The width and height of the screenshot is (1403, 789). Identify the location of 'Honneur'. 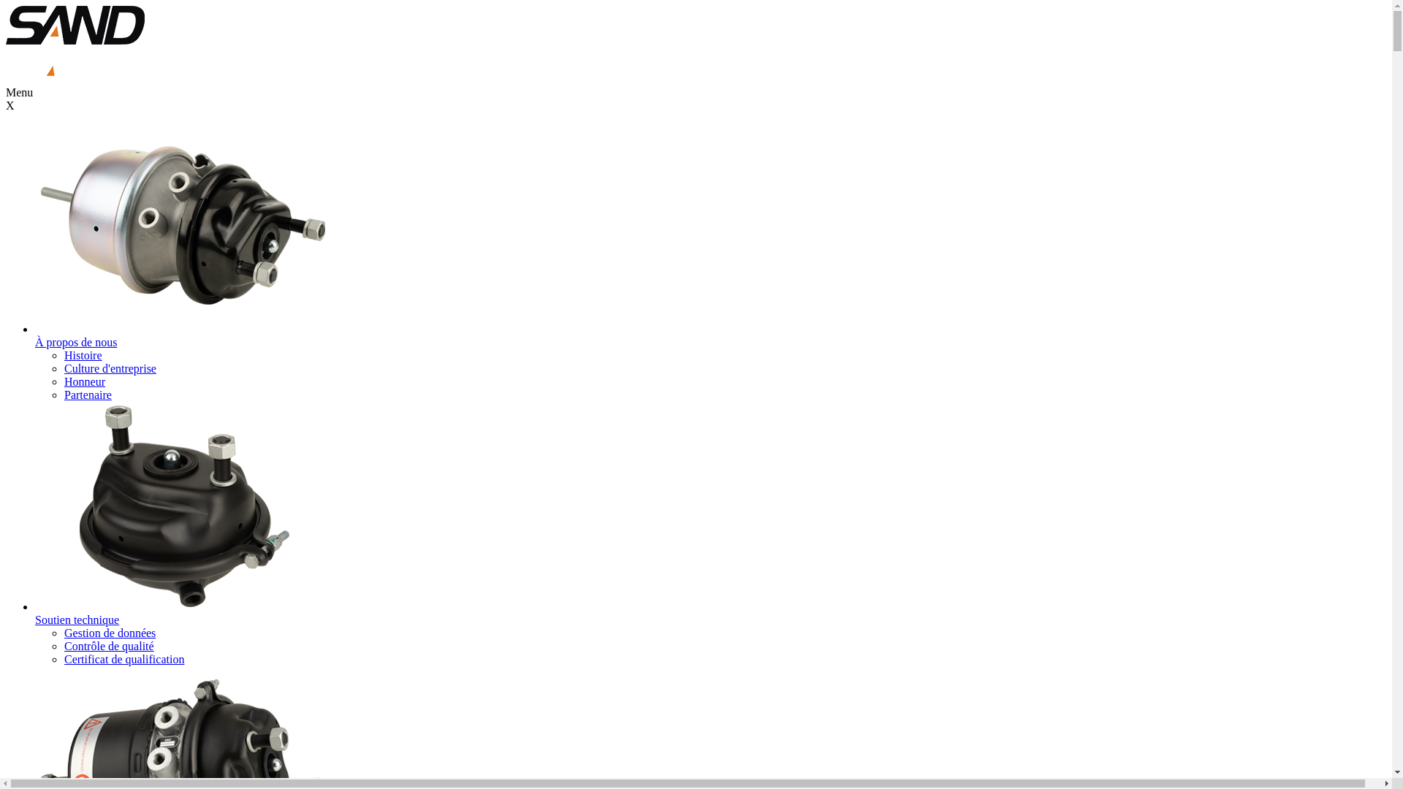
(83, 381).